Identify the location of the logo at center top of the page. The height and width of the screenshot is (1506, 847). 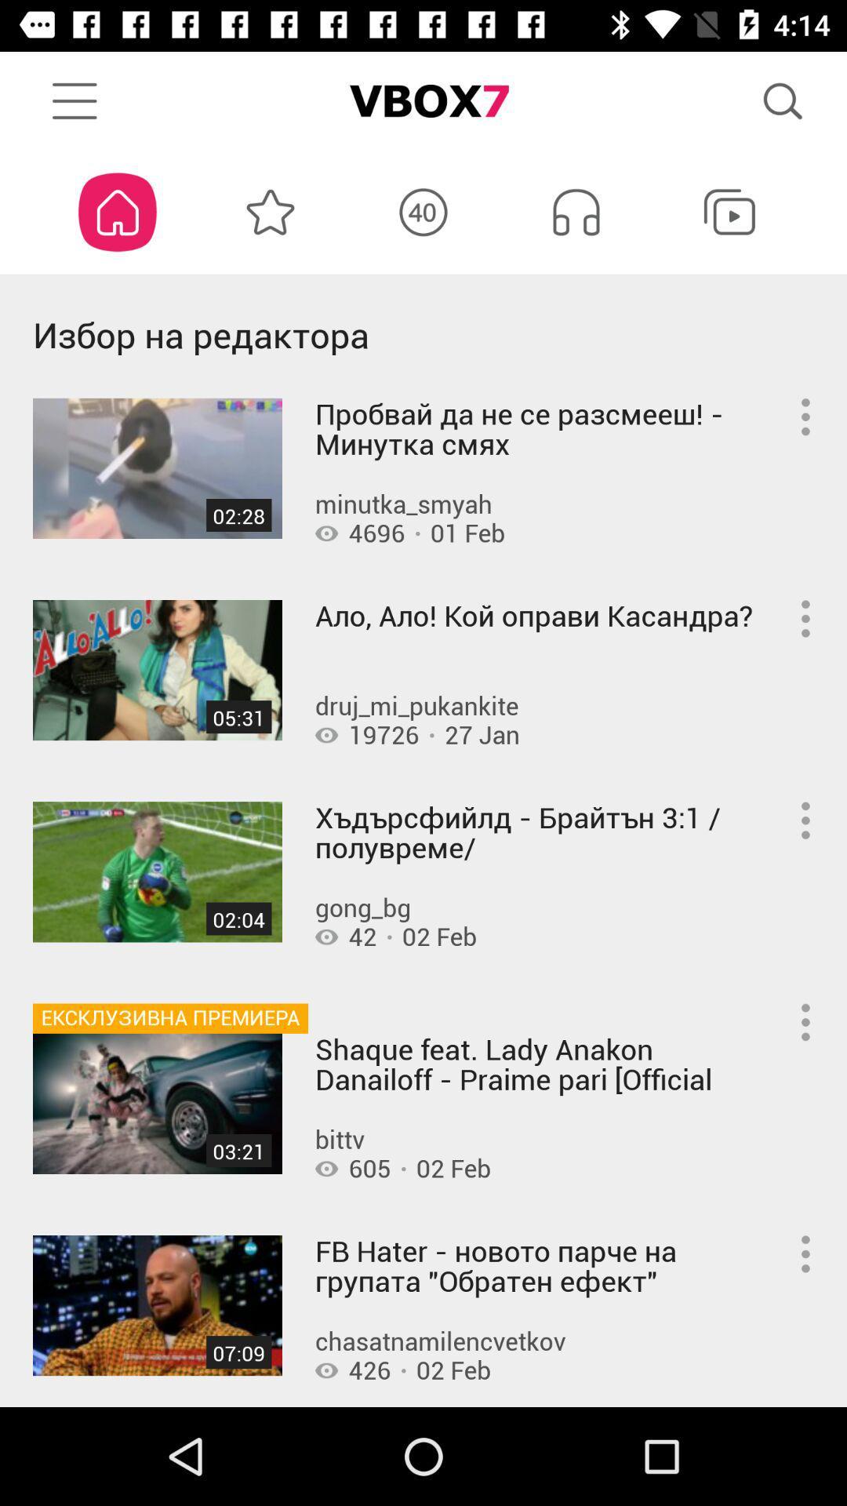
(423, 100).